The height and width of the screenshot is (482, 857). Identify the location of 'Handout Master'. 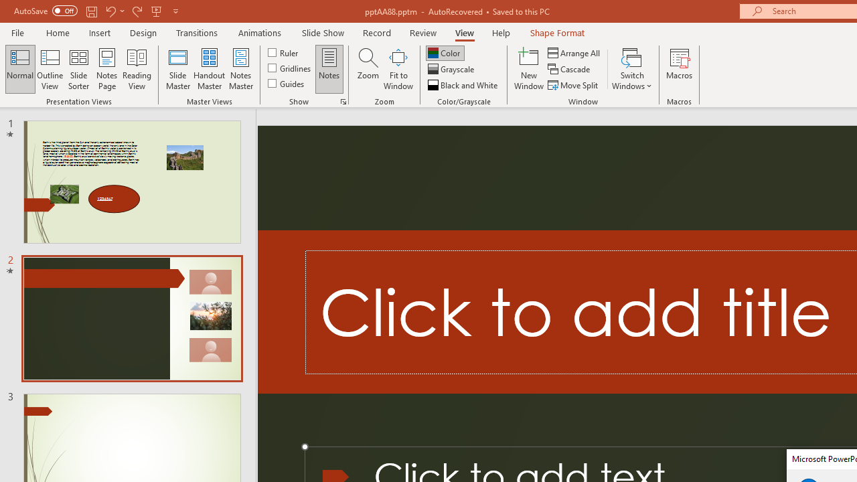
(208, 69).